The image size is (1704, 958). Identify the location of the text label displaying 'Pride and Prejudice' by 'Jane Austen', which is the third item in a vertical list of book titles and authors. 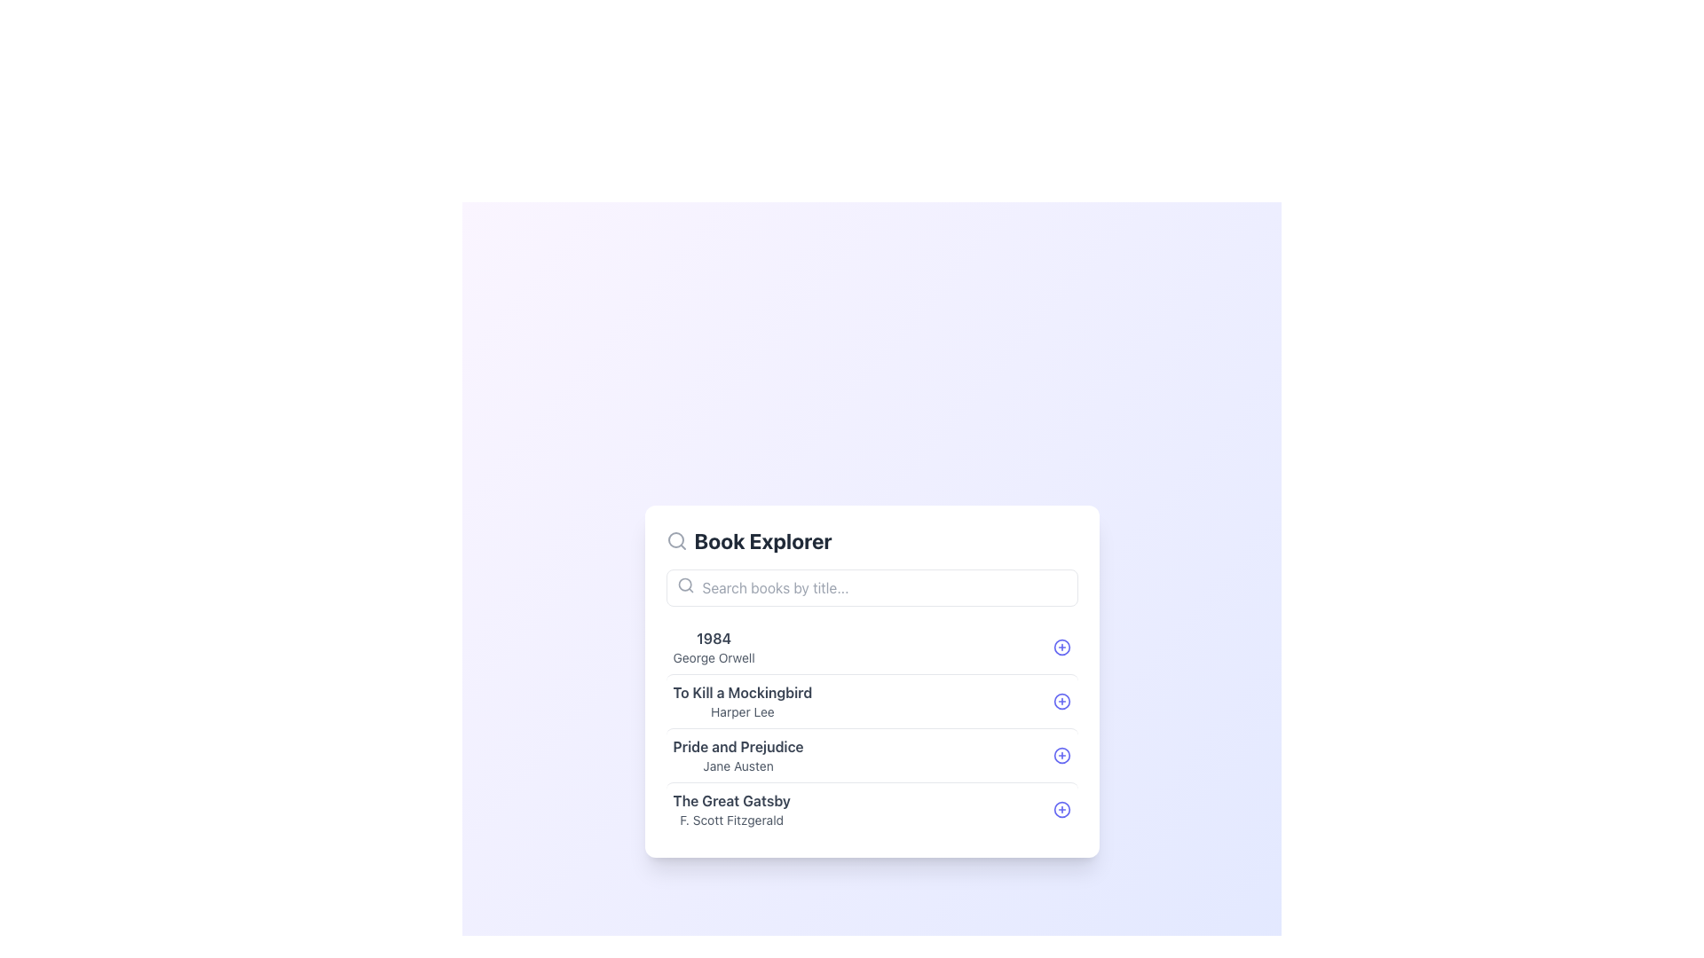
(738, 755).